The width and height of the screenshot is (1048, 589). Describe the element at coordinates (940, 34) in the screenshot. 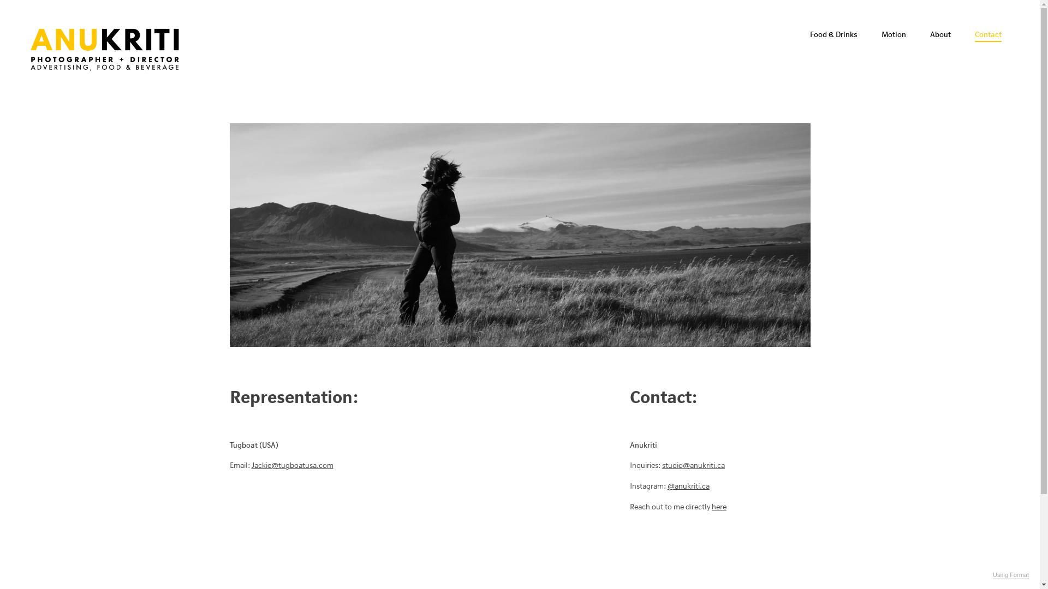

I see `'About'` at that location.